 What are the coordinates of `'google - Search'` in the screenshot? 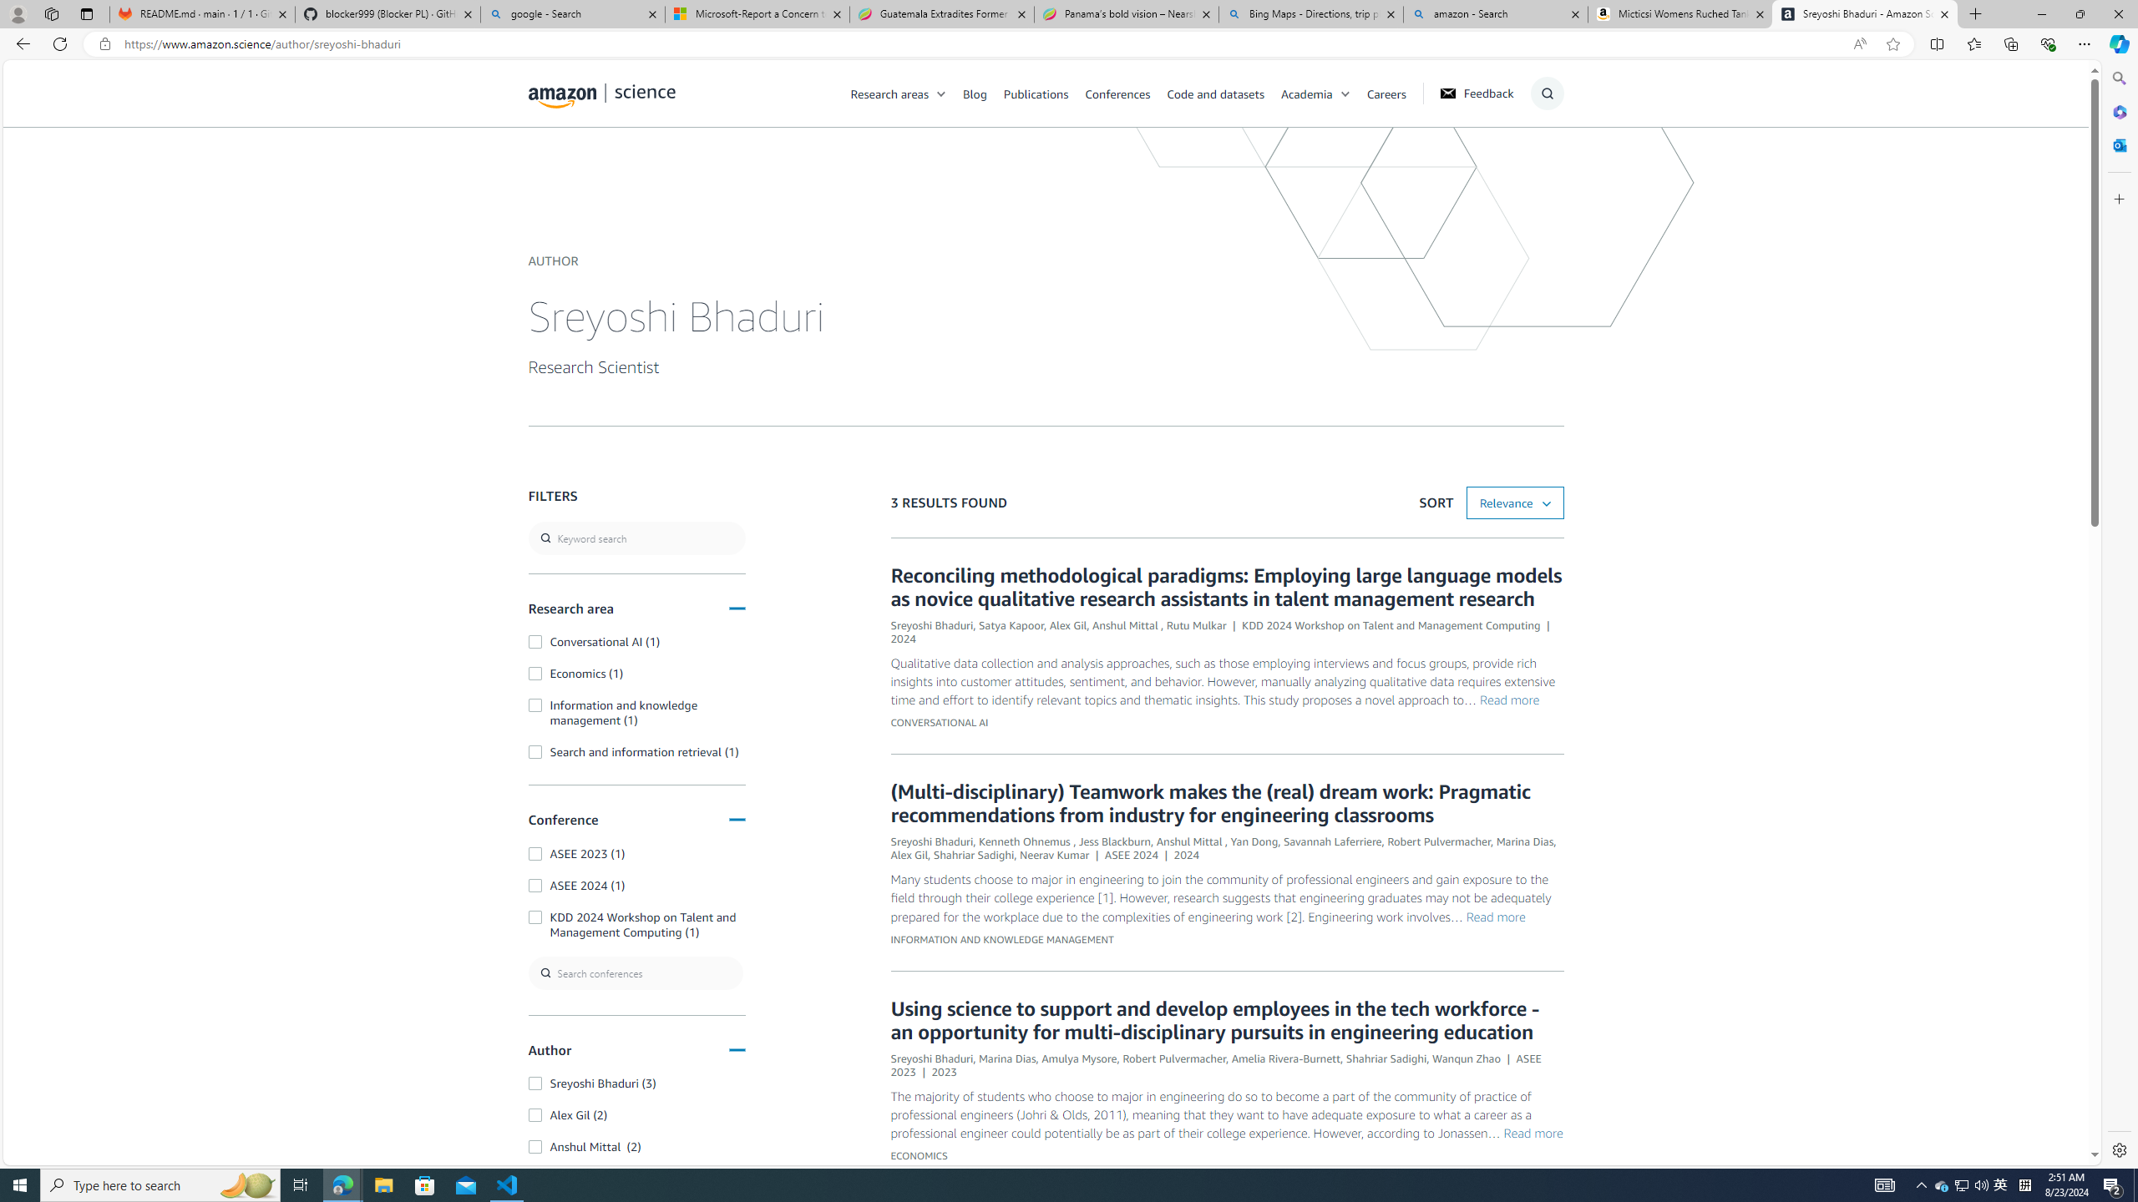 It's located at (571, 13).